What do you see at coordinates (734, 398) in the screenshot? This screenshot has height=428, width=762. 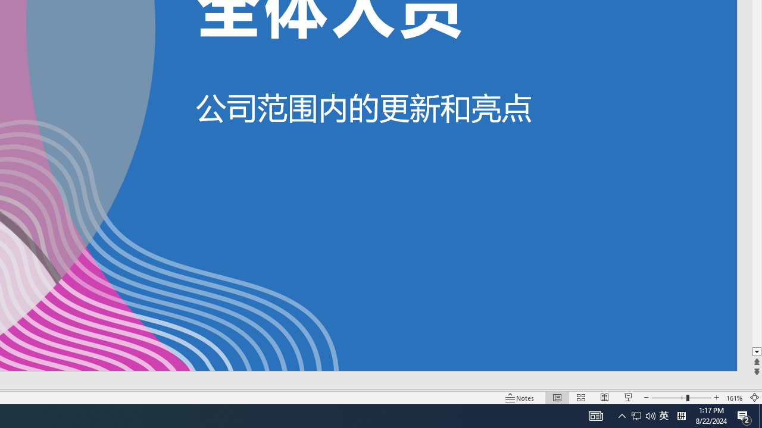 I see `'Zoom 161%'` at bounding box center [734, 398].